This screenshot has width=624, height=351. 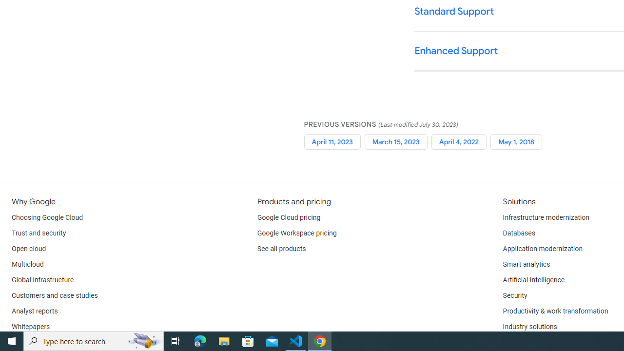 What do you see at coordinates (396, 141) in the screenshot?
I see `'March 15, 2023'` at bounding box center [396, 141].